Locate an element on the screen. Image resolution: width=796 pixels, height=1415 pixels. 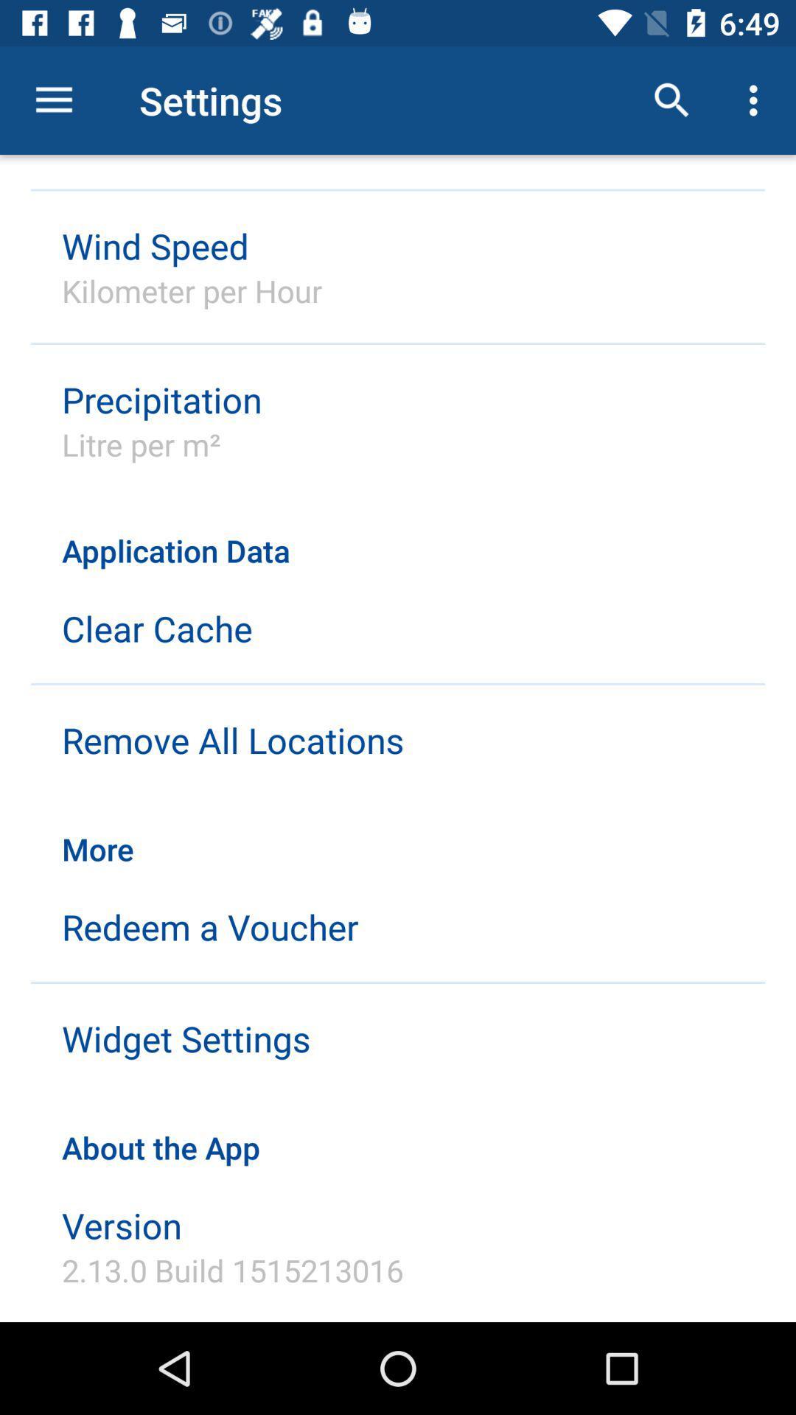
the remove all locations icon is located at coordinates (232, 740).